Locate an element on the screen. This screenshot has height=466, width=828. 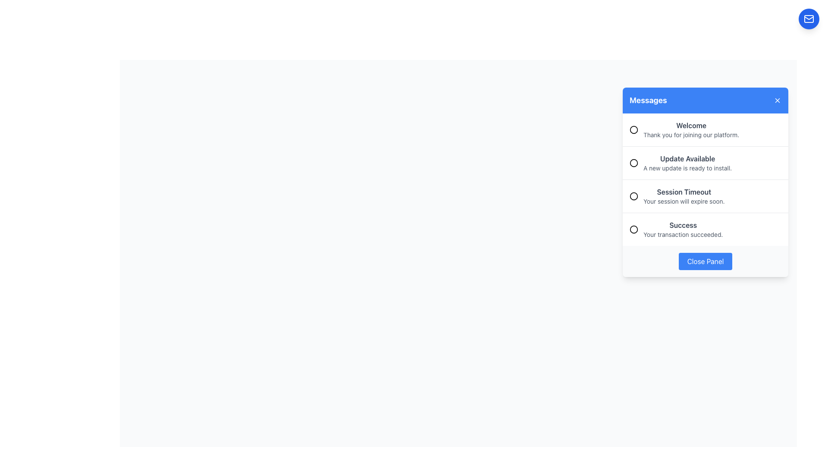
the diagonal line forming part of the 'X' icon in the small red button located at the top-right of the blue header bar labeled 'Messages' is located at coordinates (778, 100).